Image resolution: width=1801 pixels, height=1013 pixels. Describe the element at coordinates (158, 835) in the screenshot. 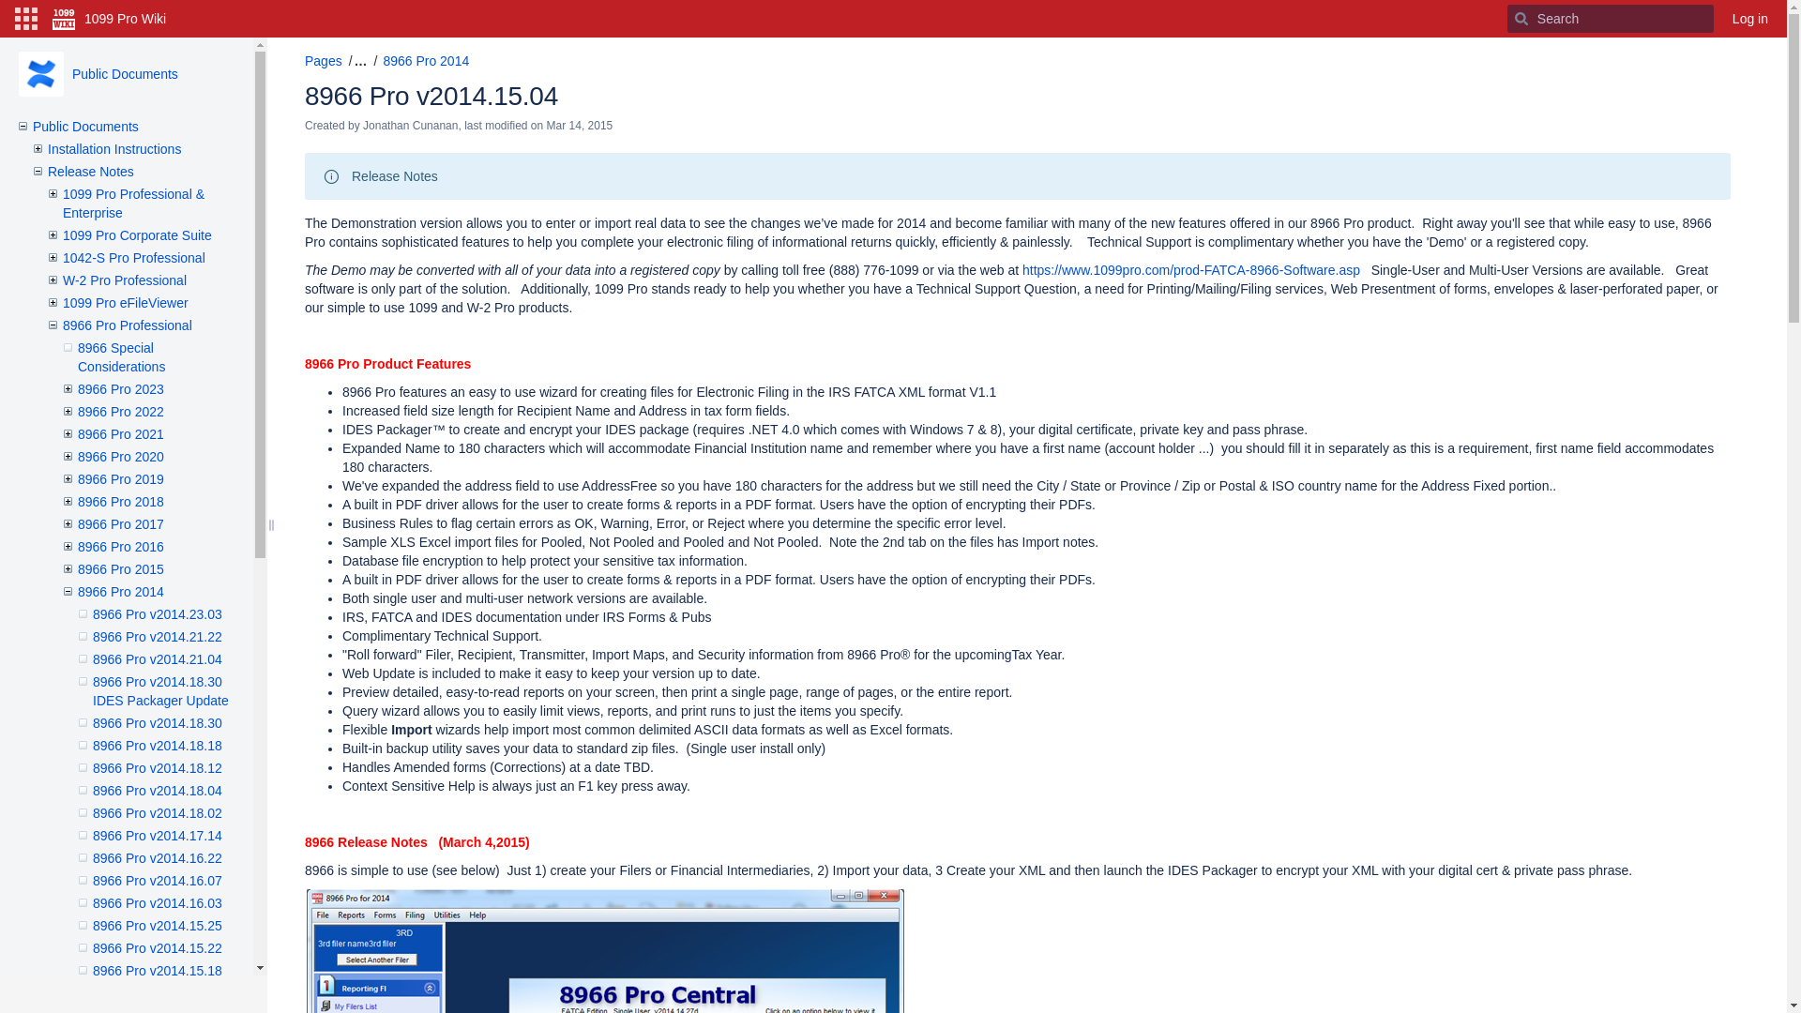

I see `'8966 Pro v2014.17.14'` at that location.